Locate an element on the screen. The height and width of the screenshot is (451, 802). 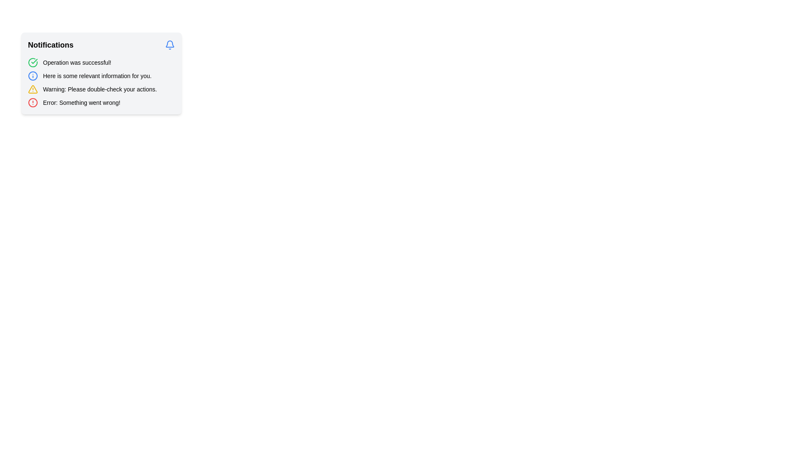
warning notification located between the 'Here is some relevant information for you.' and 'Error: Something went wrong!' notifications is located at coordinates (101, 89).